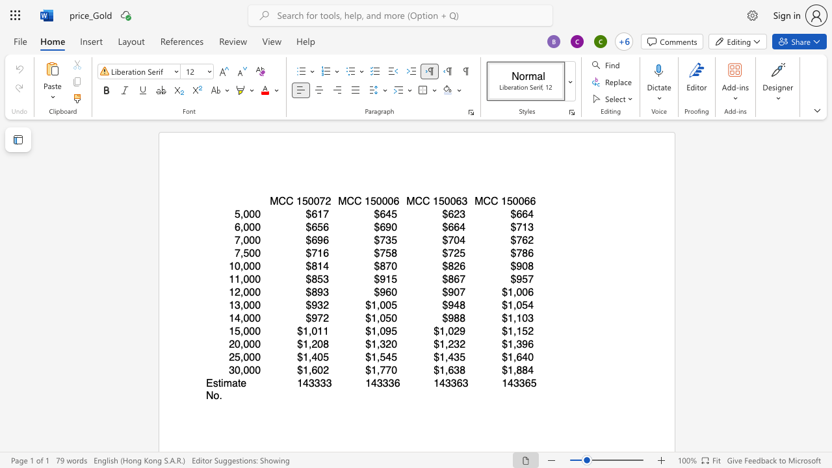 This screenshot has height=468, width=832. Describe the element at coordinates (278, 201) in the screenshot. I see `the space between the continuous character "M" and "C" in the text` at that location.